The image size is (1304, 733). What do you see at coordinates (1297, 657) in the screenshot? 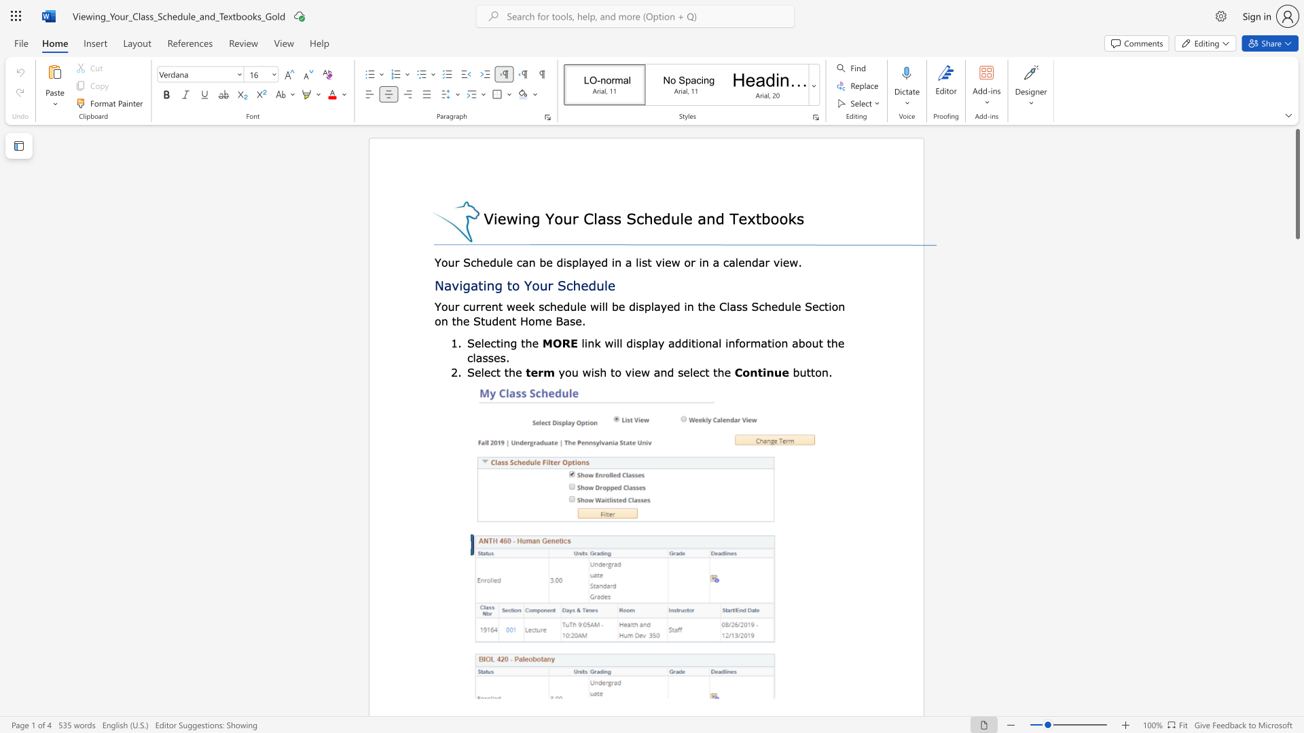
I see `the scrollbar on the side` at bounding box center [1297, 657].